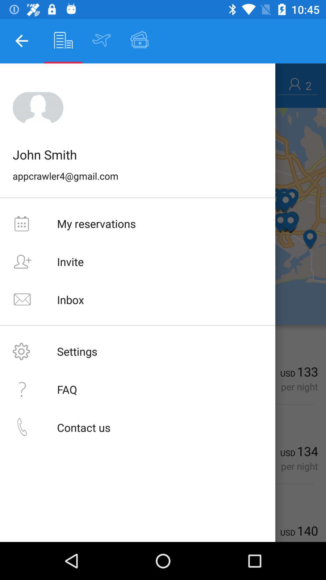 The height and width of the screenshot is (580, 326). What do you see at coordinates (139, 40) in the screenshot?
I see `the fourth button on the top of the page` at bounding box center [139, 40].